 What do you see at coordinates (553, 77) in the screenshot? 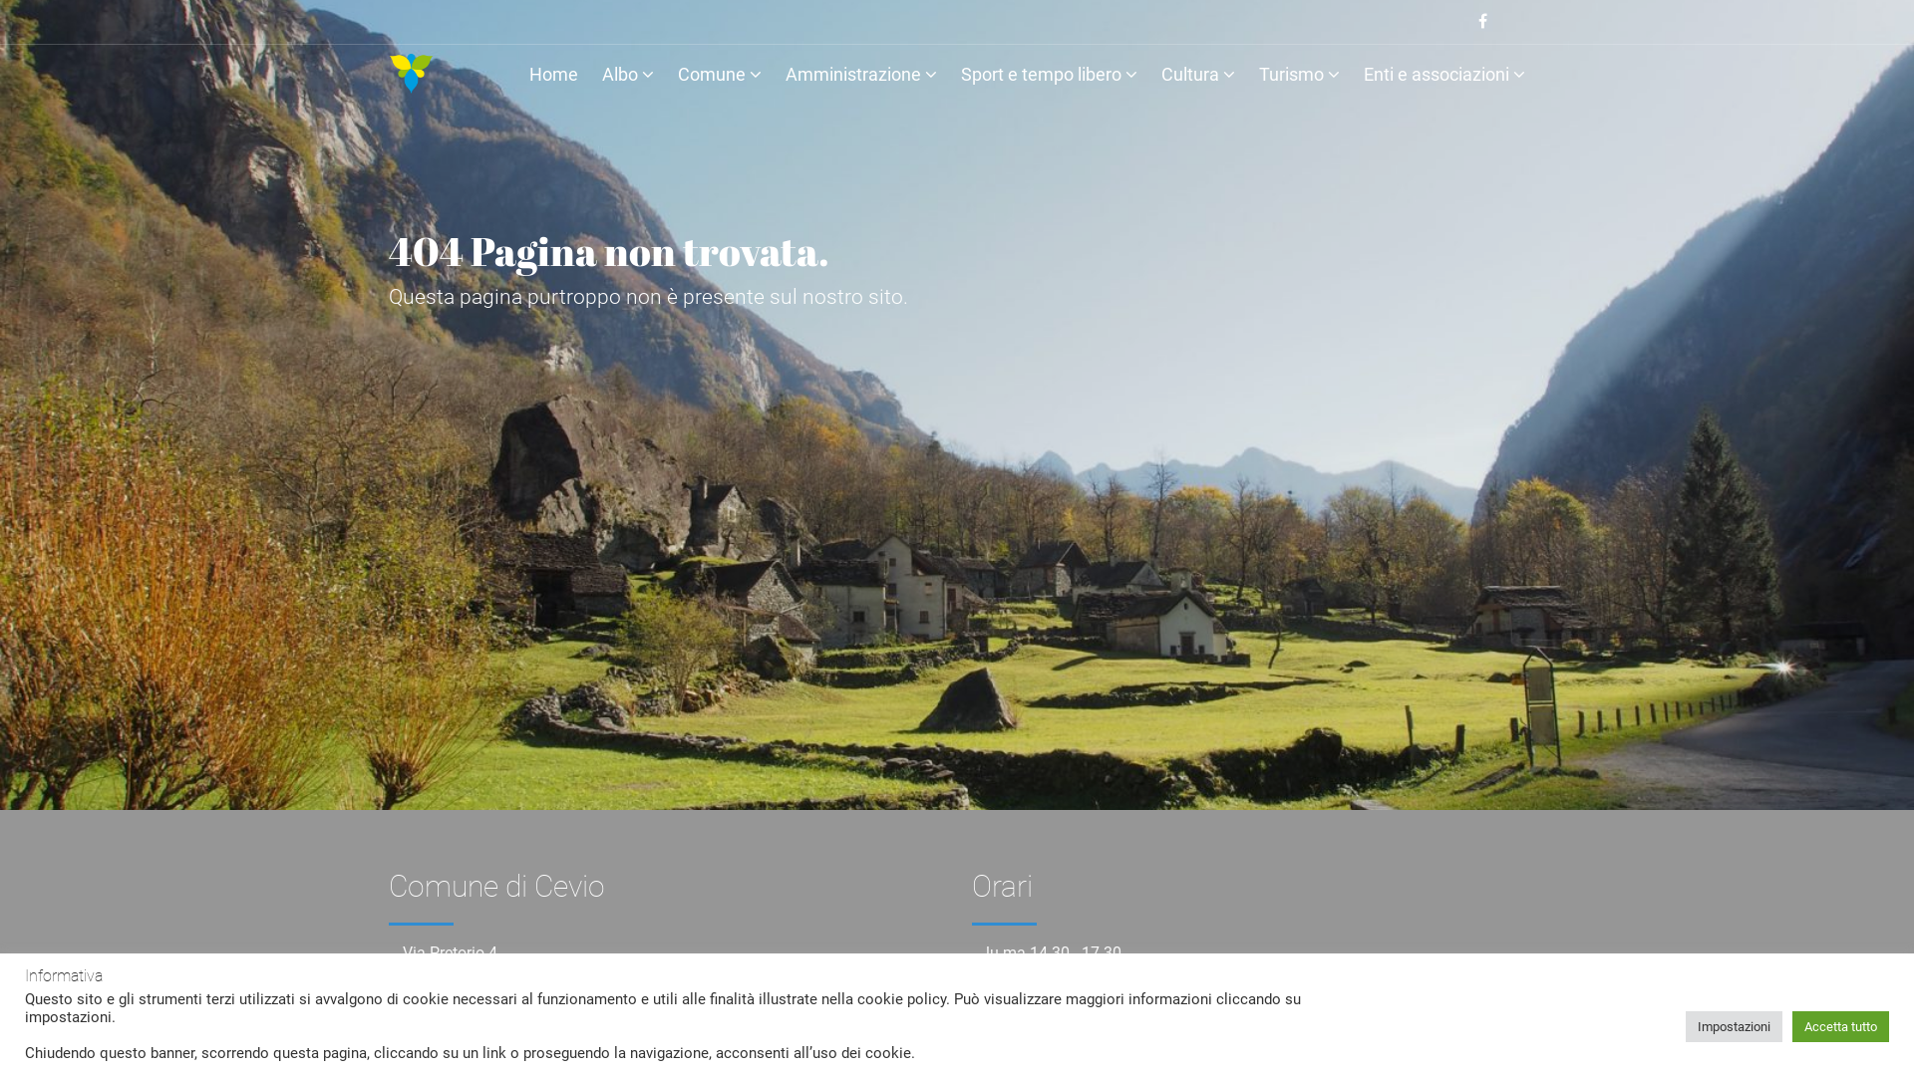
I see `'Home'` at bounding box center [553, 77].